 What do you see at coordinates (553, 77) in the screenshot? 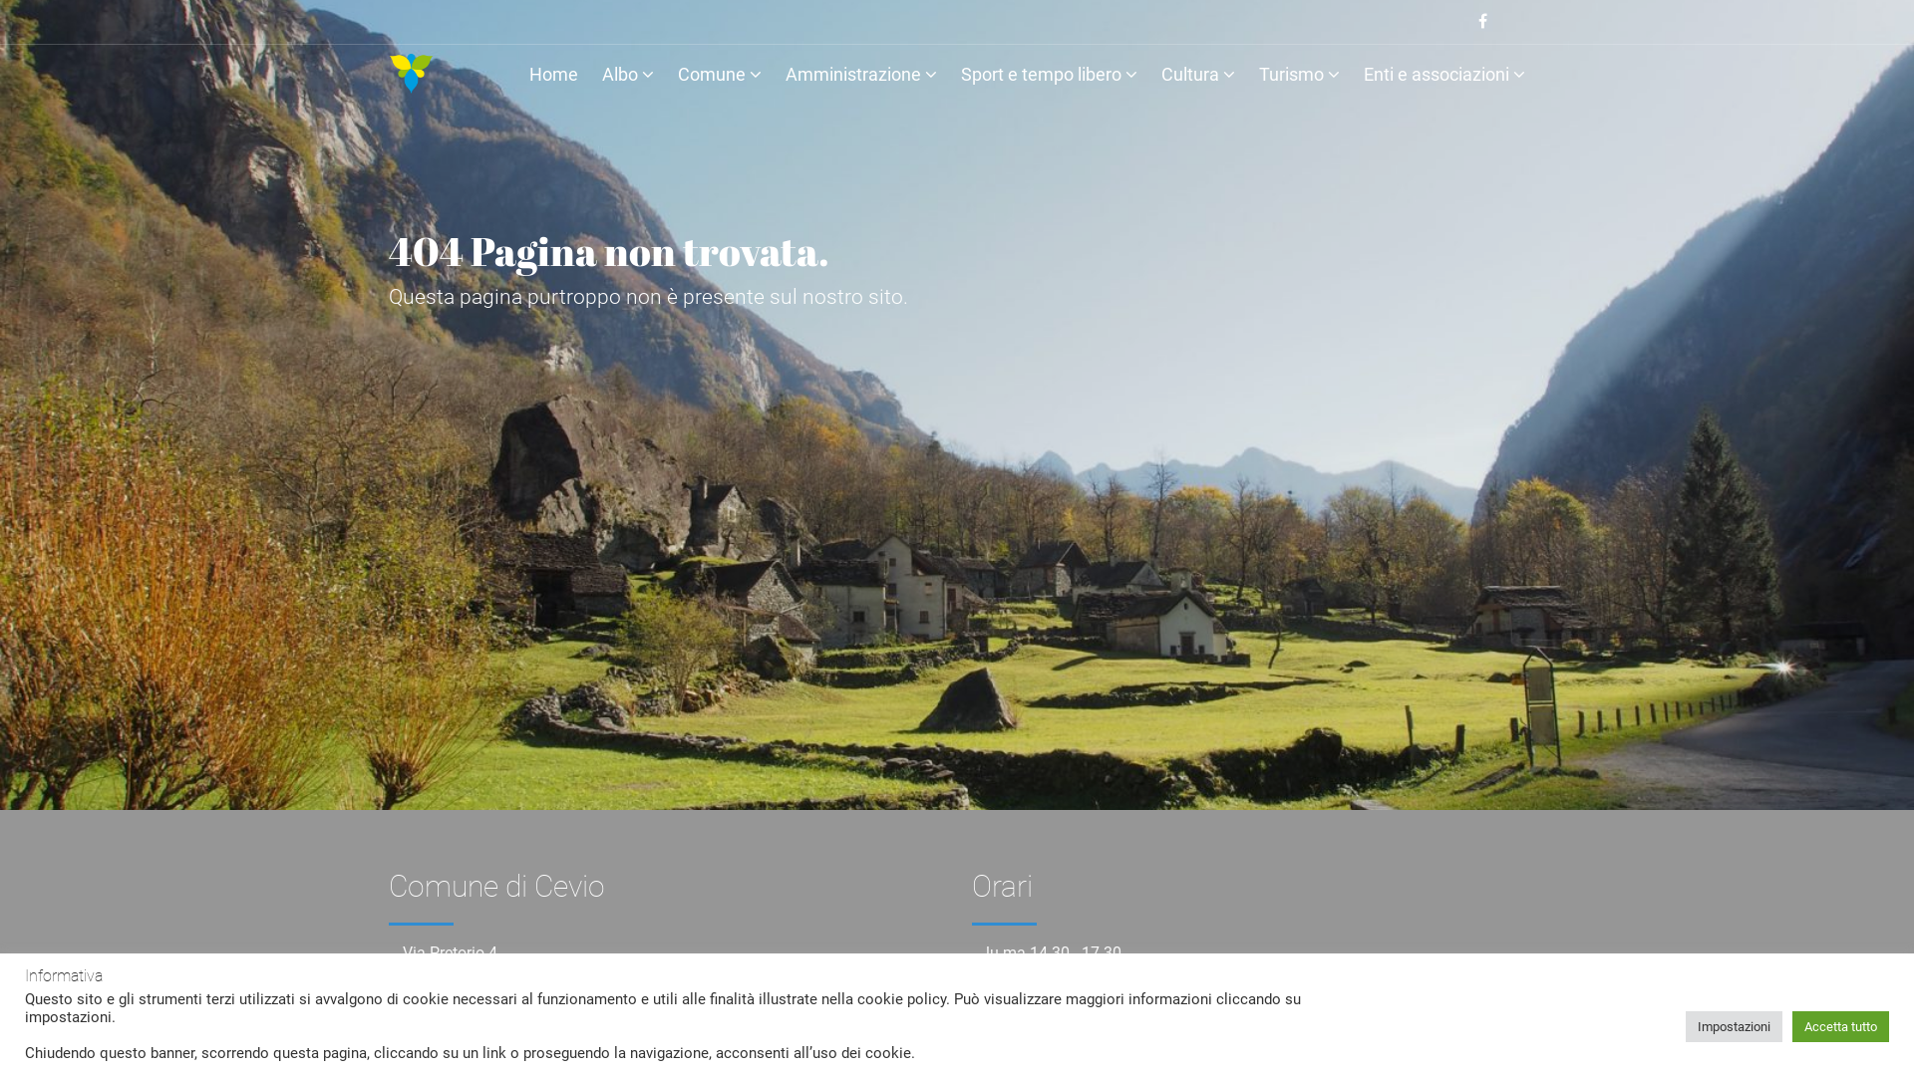
I see `'Home'` at bounding box center [553, 77].